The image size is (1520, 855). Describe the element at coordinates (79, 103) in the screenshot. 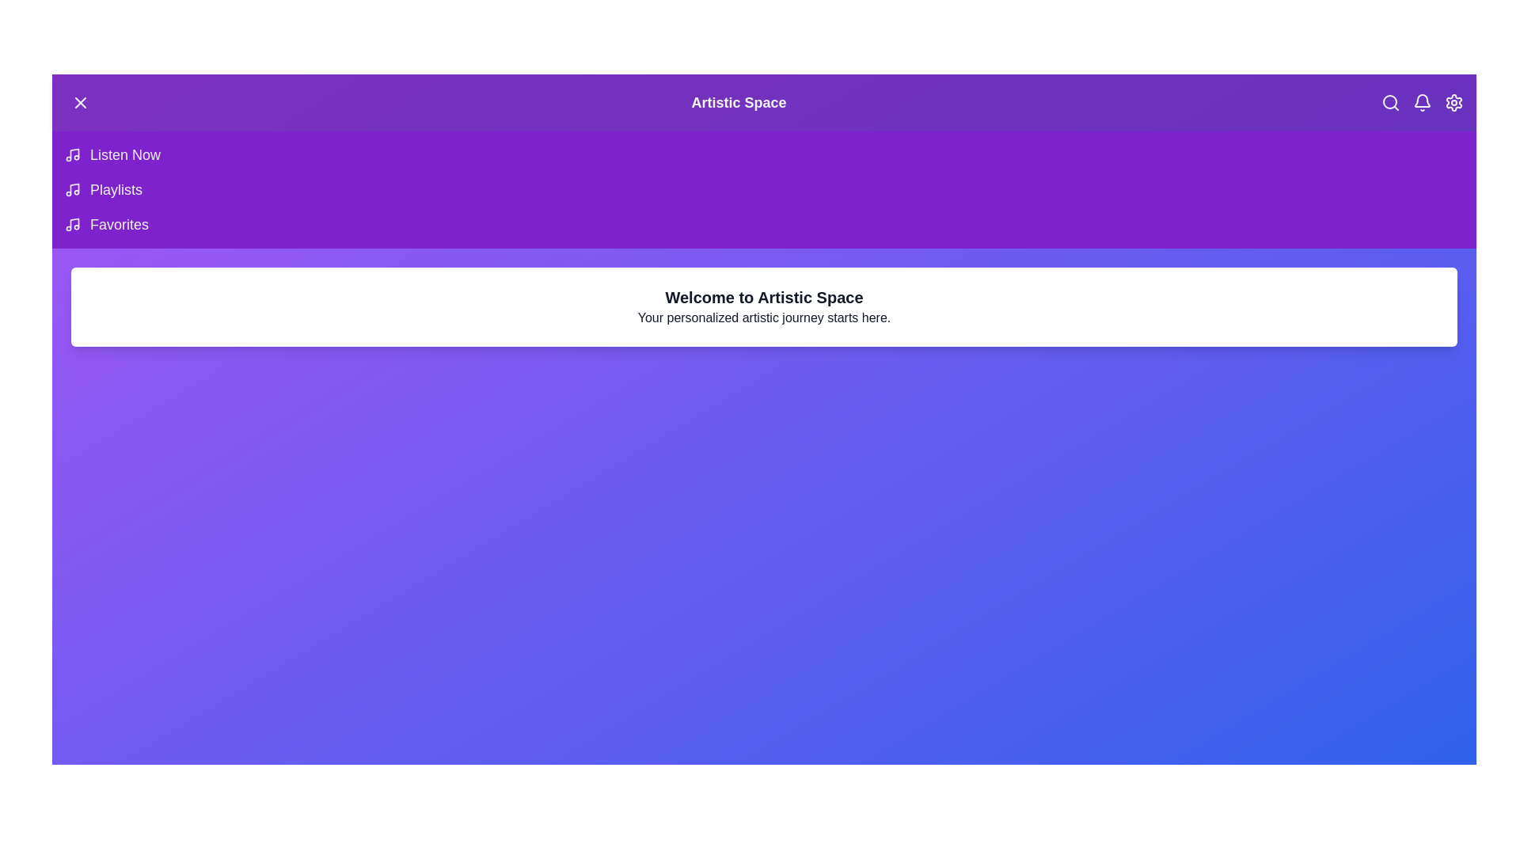

I see `button at the top-left corner of the app bar to toggle the navigation menu` at that location.